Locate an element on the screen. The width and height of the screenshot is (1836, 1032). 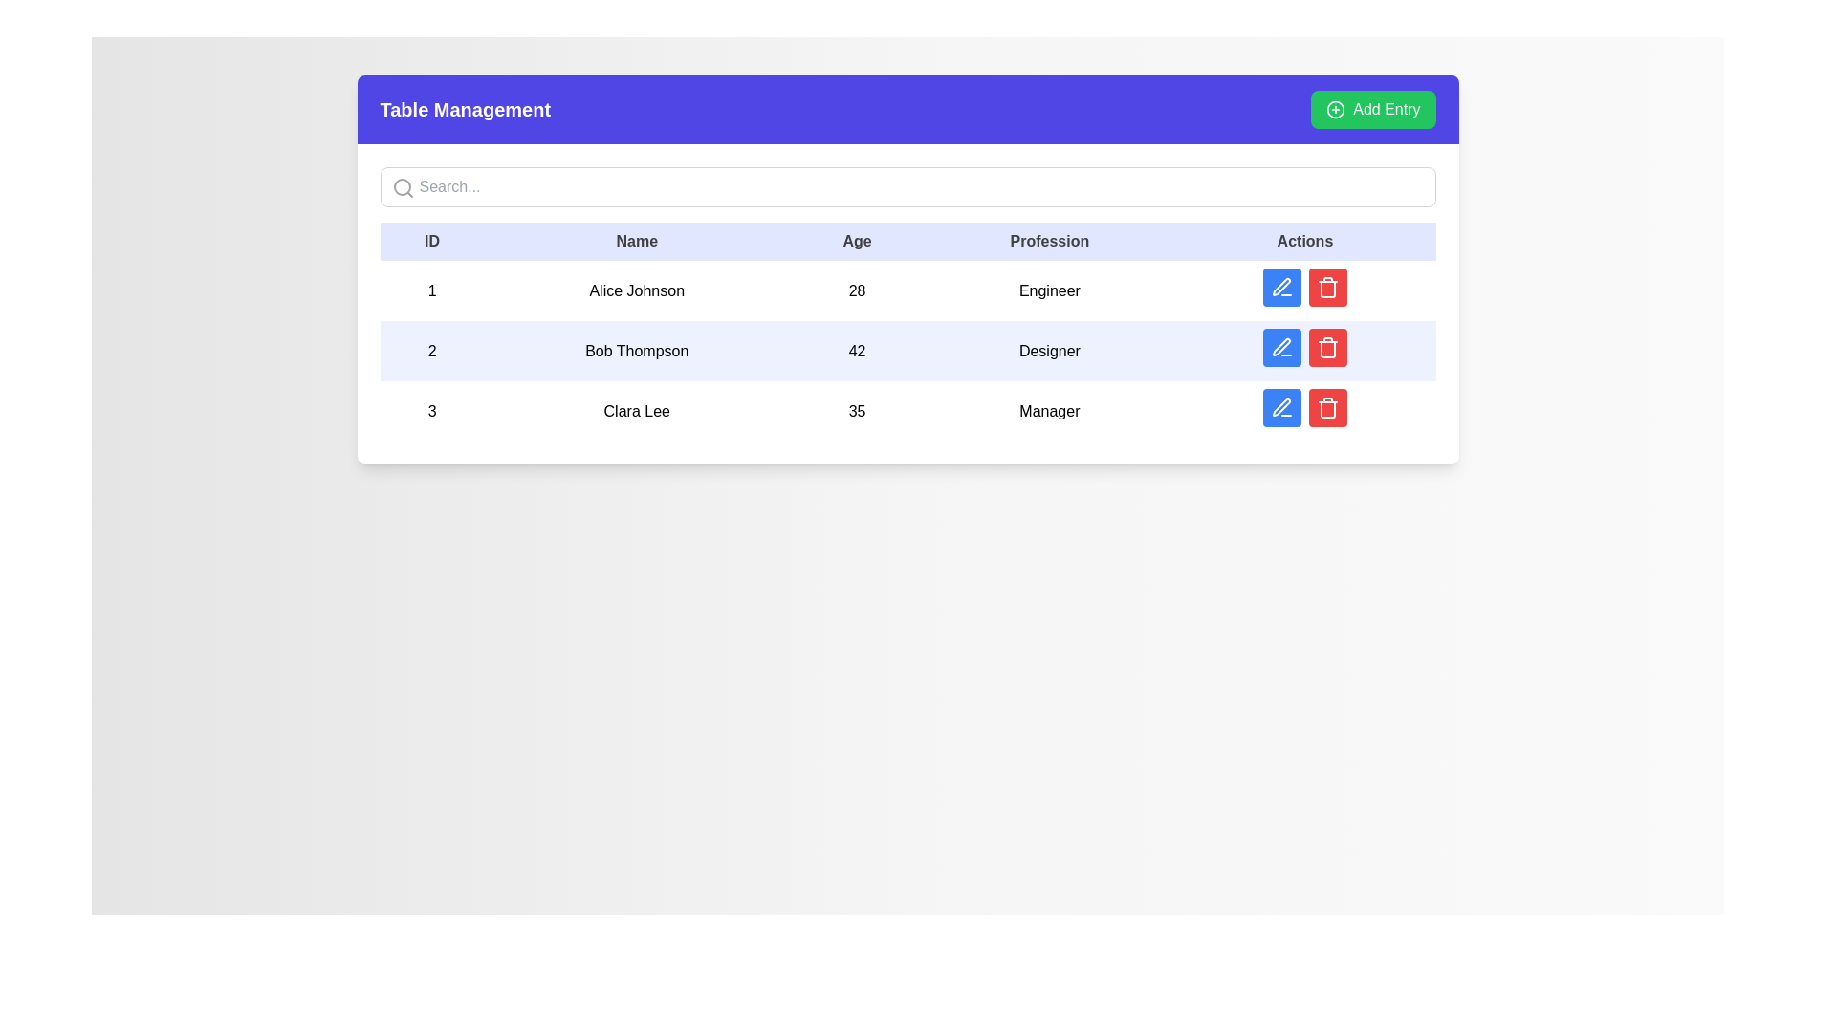
the 'Name' table header, which is the second column header in the table, styled with padding and a light background color is located at coordinates (637, 241).